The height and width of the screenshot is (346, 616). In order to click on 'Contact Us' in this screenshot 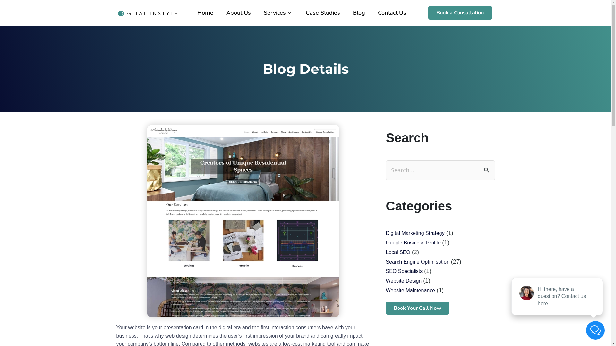, I will do `click(392, 12)`.